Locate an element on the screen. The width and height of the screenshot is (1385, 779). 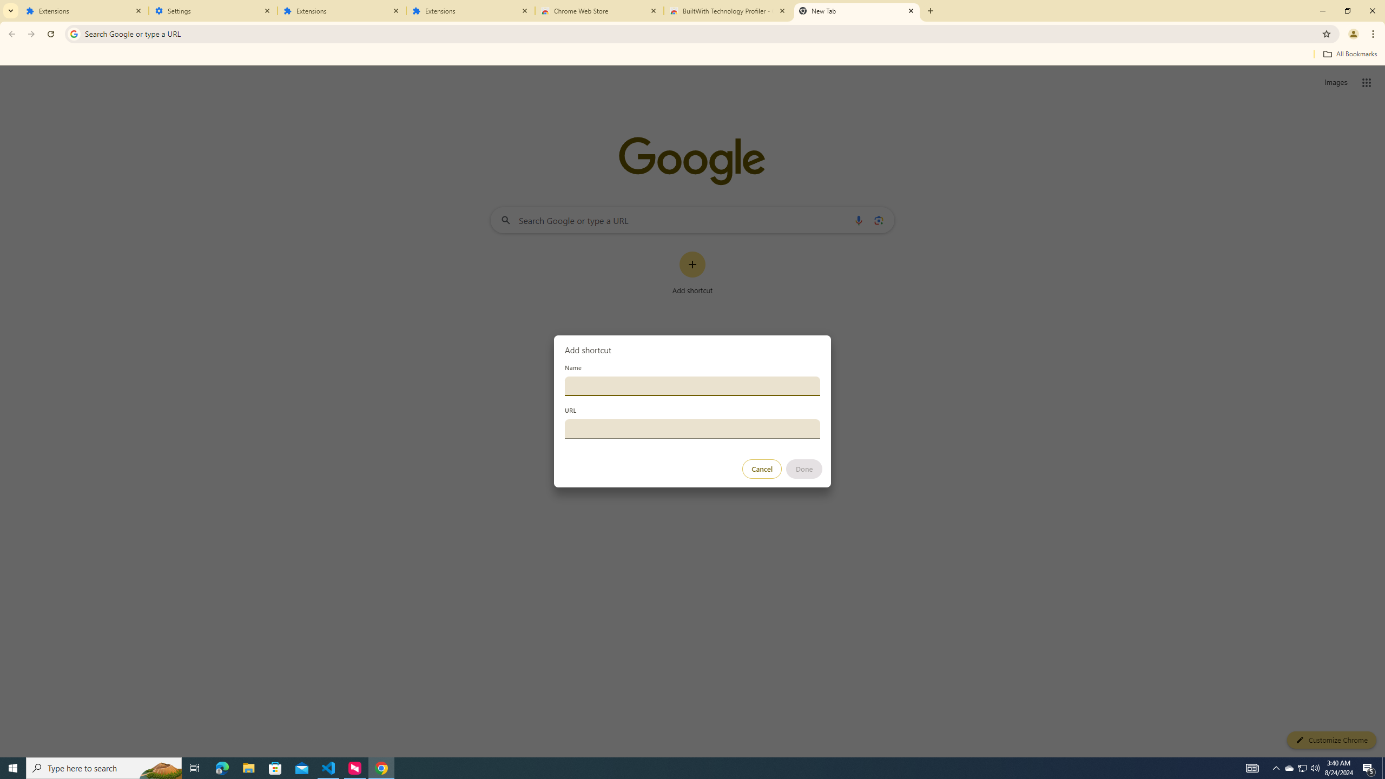
'BuiltWith Technology Profiler - Chrome Web Store' is located at coordinates (728, 10).